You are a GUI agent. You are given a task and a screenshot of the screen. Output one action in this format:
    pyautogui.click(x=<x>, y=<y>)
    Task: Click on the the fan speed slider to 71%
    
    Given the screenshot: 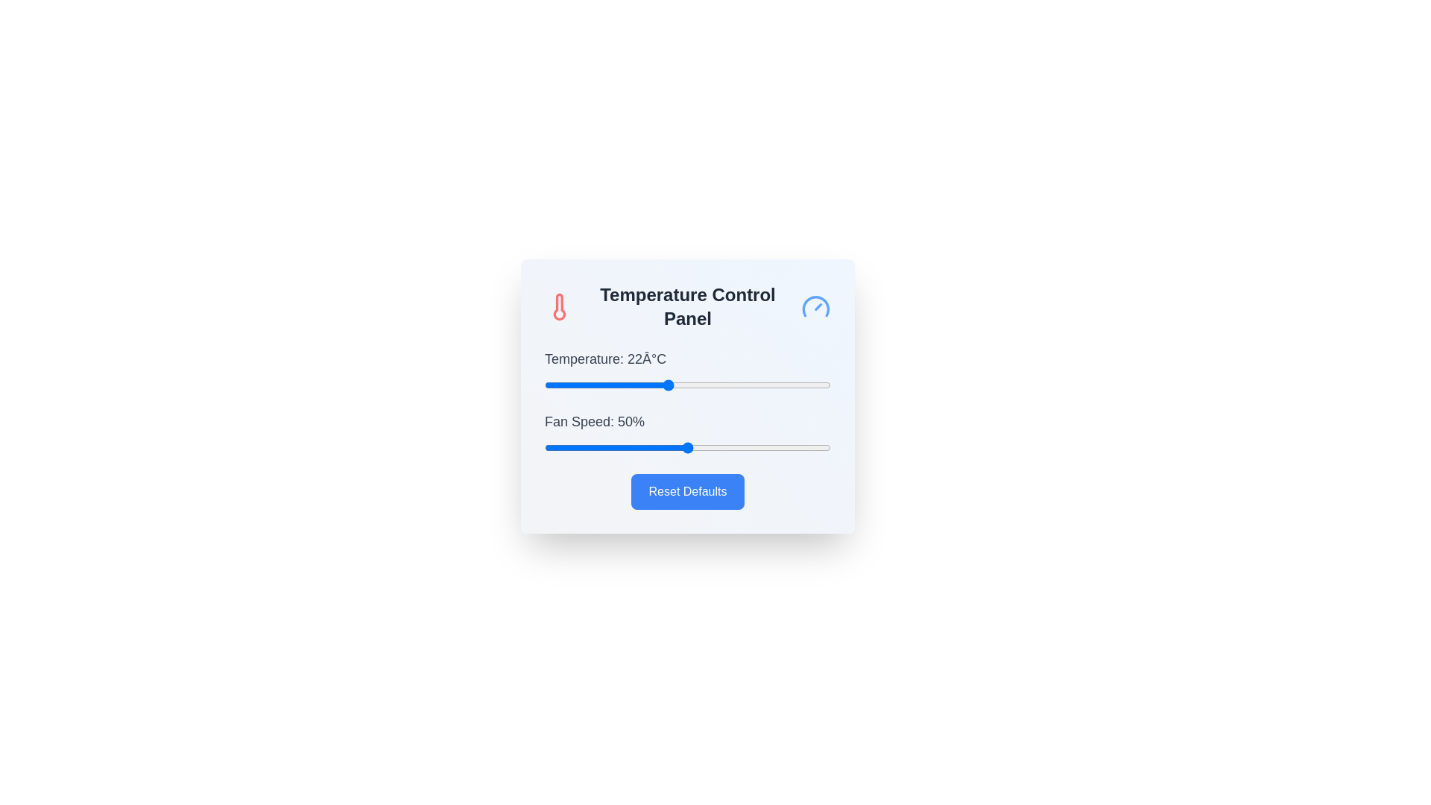 What is the action you would take?
    pyautogui.click(x=748, y=447)
    